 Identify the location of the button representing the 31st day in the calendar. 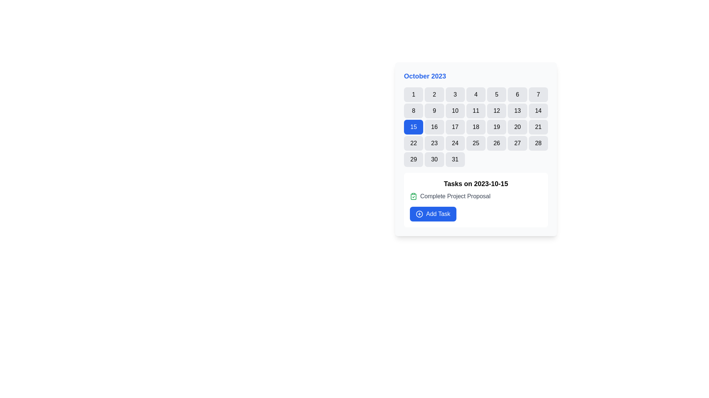
(455, 159).